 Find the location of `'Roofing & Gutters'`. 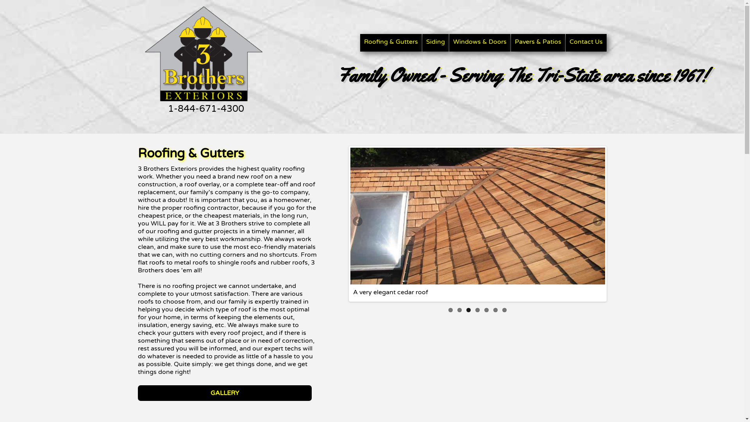

'Roofing & Gutters' is located at coordinates (391, 43).